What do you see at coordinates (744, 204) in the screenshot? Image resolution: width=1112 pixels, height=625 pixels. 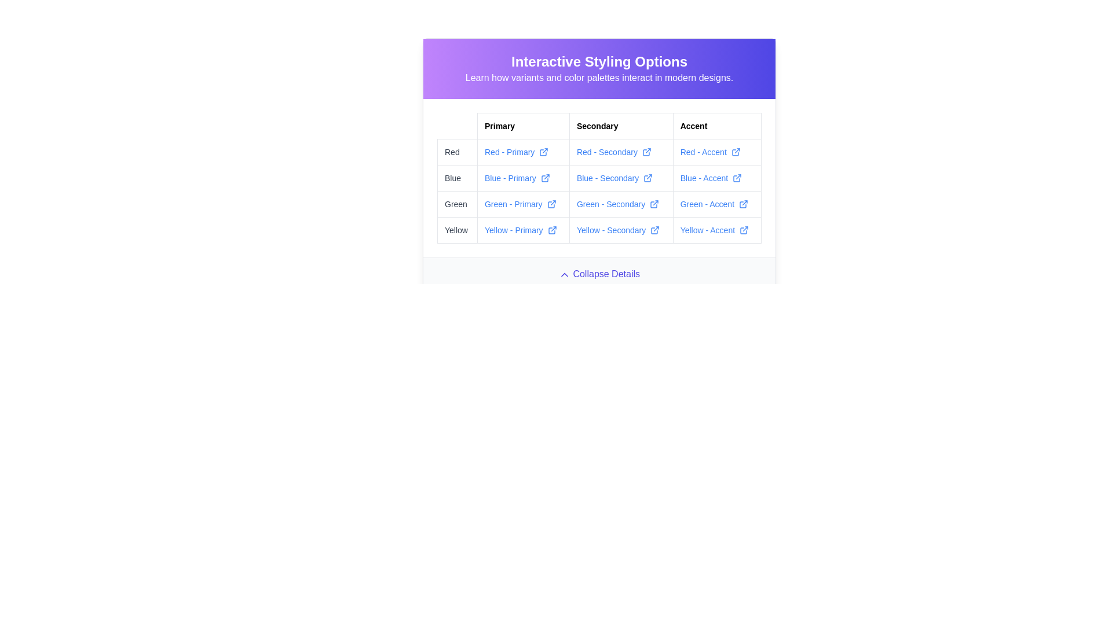 I see `the external link icon located in the 'Accent' column of the table row corresponding to the 'Green - Accent' entry` at bounding box center [744, 204].